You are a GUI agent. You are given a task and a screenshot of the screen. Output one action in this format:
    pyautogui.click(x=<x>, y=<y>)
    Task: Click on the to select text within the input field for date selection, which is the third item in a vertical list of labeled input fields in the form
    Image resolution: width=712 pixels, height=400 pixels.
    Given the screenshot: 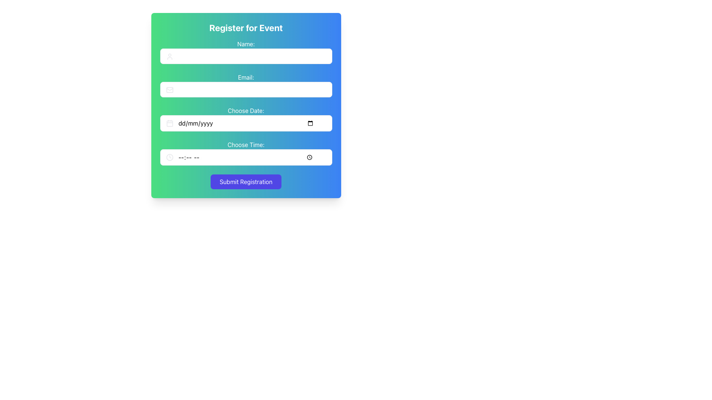 What is the action you would take?
    pyautogui.click(x=246, y=118)
    